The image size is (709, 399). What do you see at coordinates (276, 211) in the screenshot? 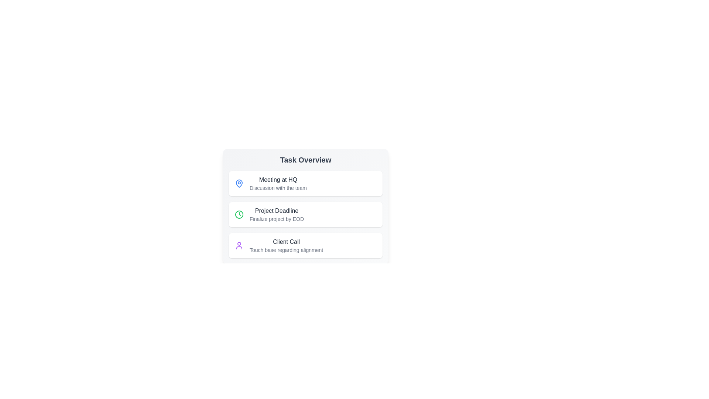
I see `the title of the task 'Project Deadline' to edit or expand it` at bounding box center [276, 211].